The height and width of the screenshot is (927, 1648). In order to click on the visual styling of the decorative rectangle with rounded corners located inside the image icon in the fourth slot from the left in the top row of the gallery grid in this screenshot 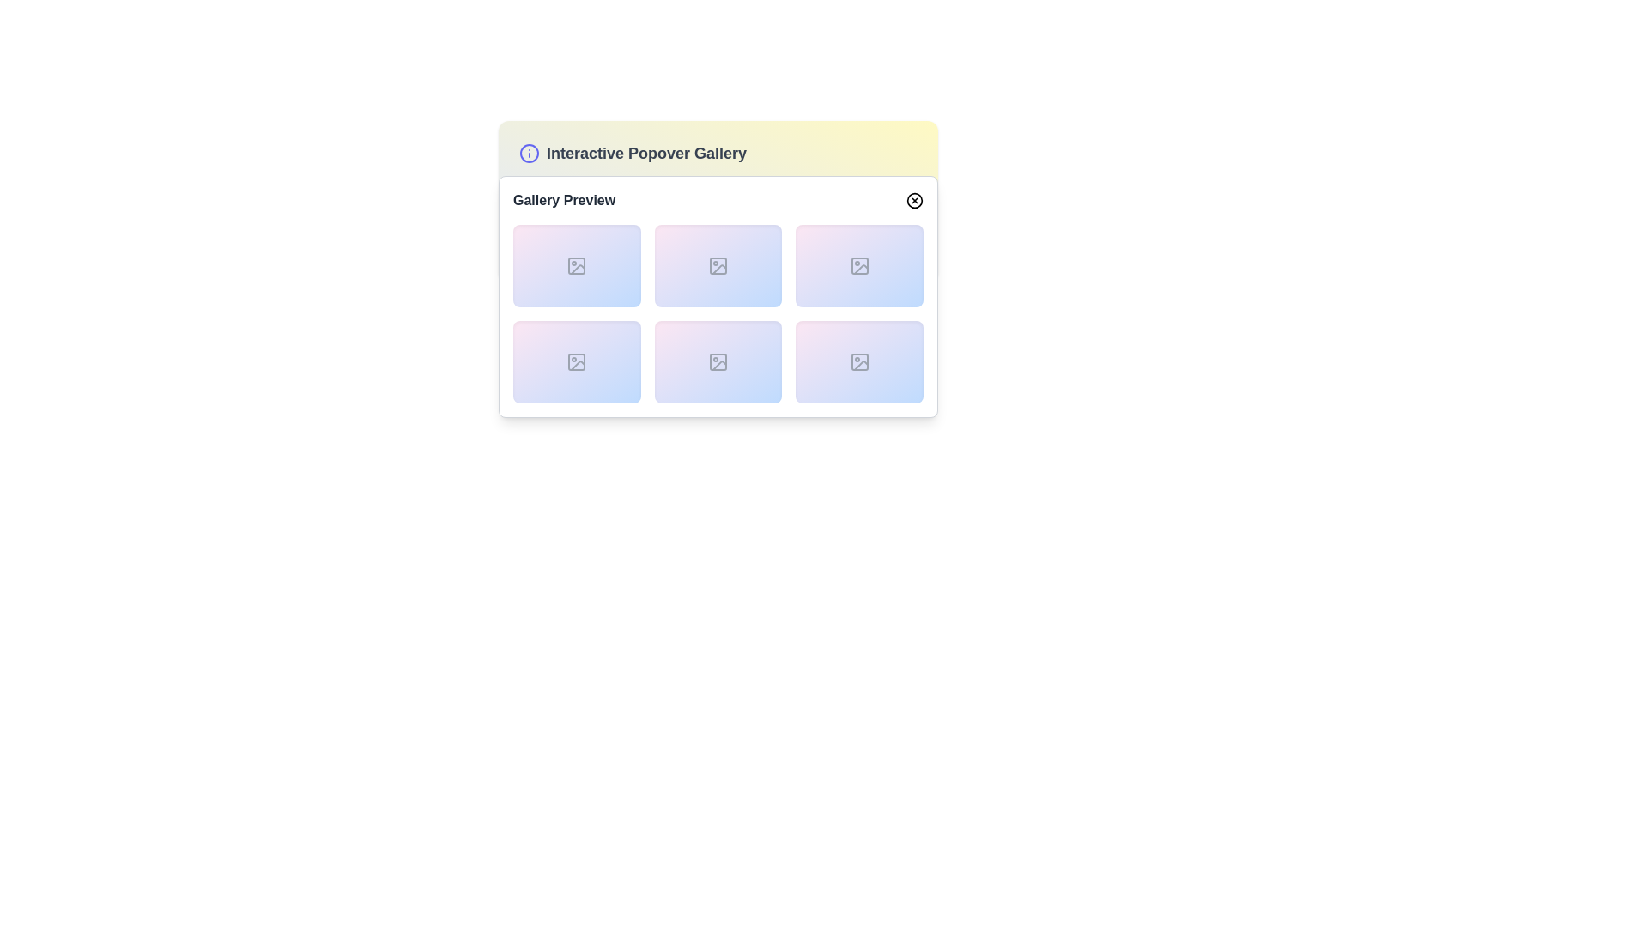, I will do `click(859, 265)`.